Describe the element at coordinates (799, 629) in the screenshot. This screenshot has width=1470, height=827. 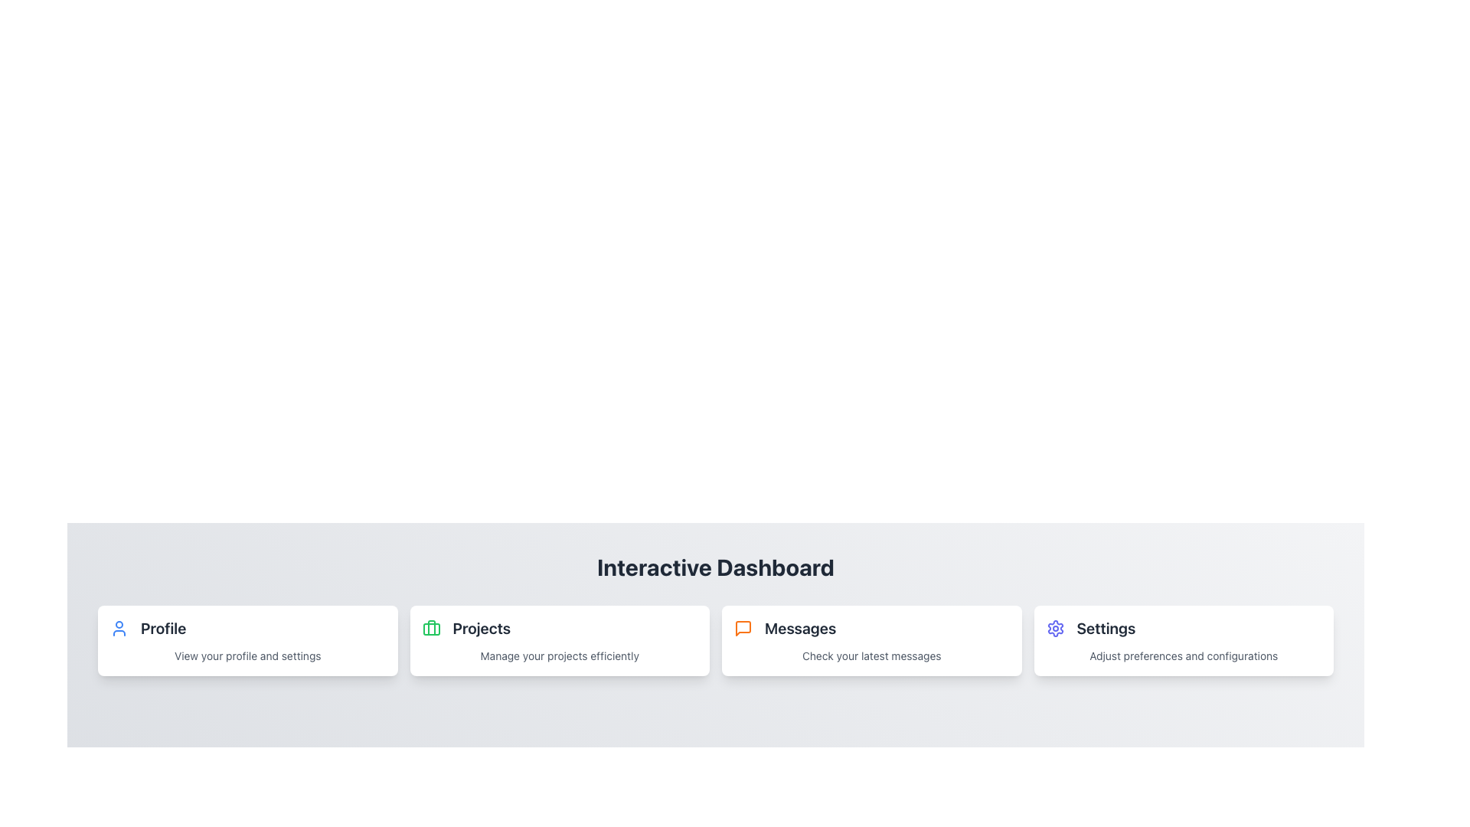
I see `the 'Messages' text label styled in bold, dark font, located on the Interactive Dashboard, positioned to the right of an orange icon` at that location.